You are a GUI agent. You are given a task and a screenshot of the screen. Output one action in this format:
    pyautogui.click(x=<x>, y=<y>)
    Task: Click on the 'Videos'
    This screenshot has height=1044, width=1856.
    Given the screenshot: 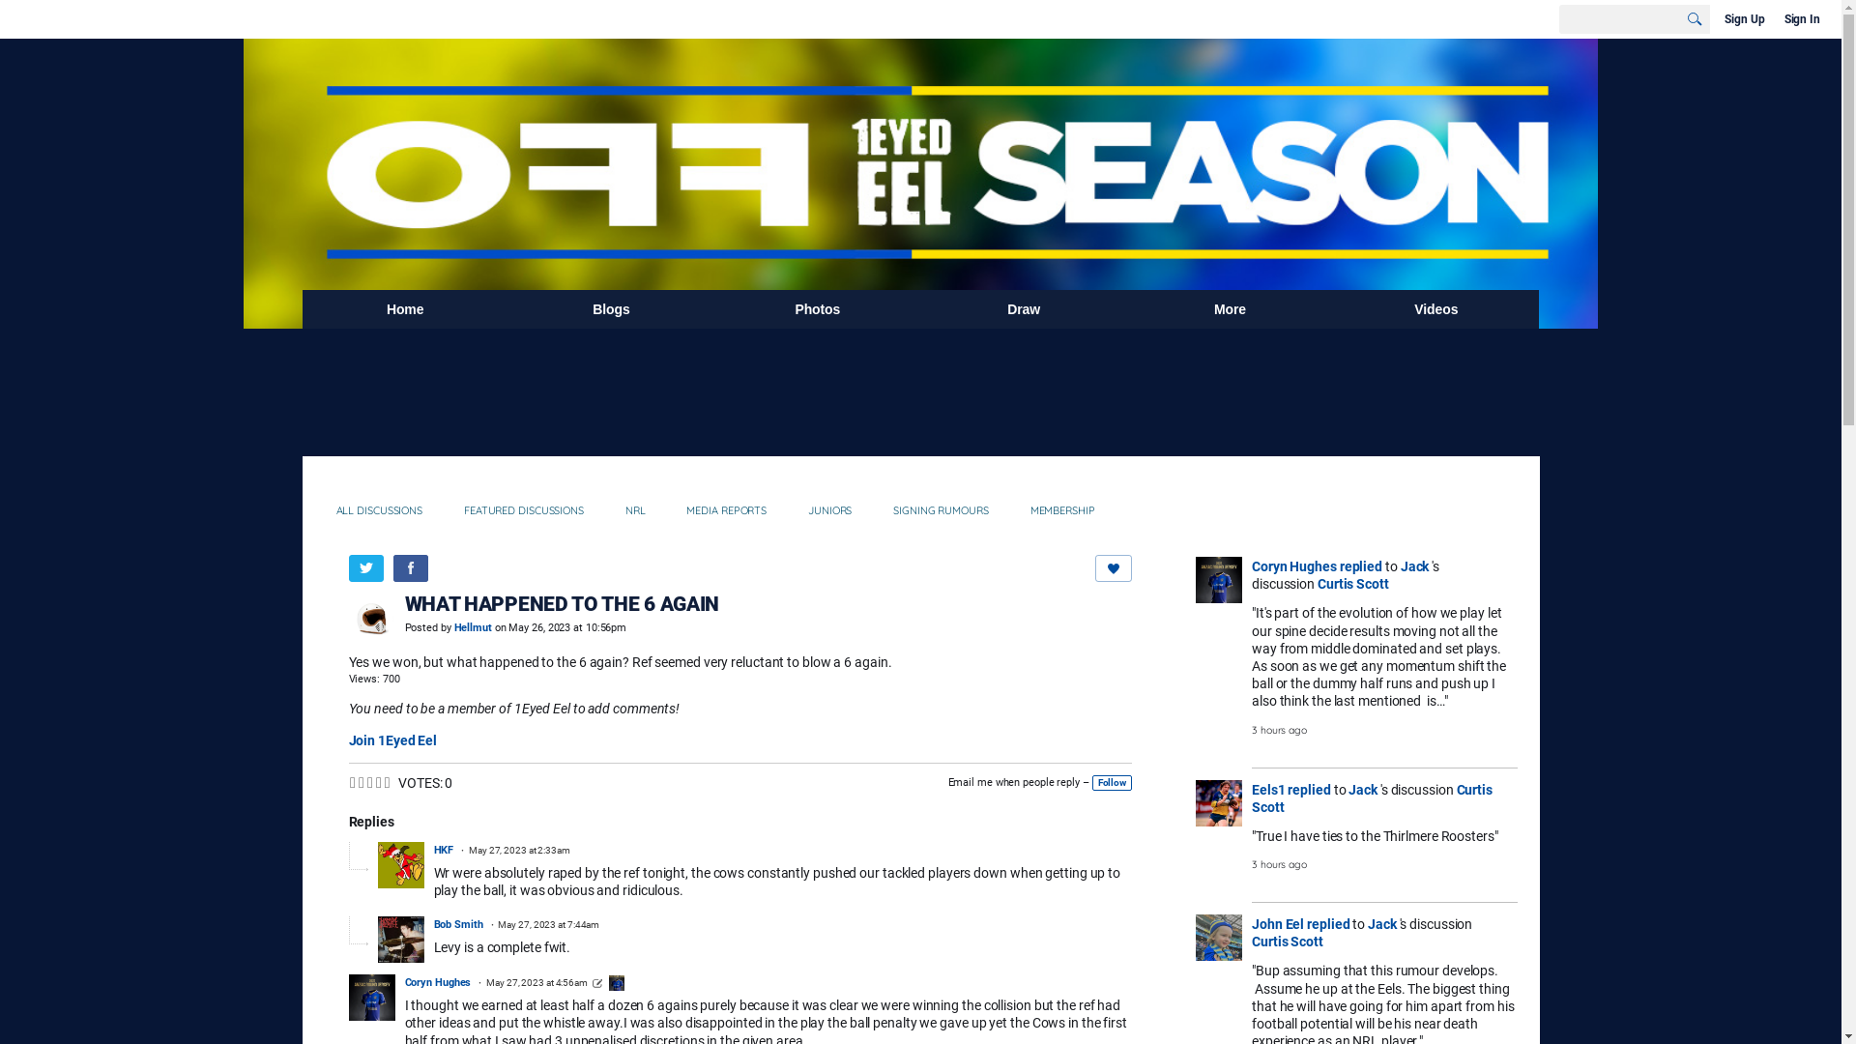 What is the action you would take?
    pyautogui.click(x=1435, y=308)
    